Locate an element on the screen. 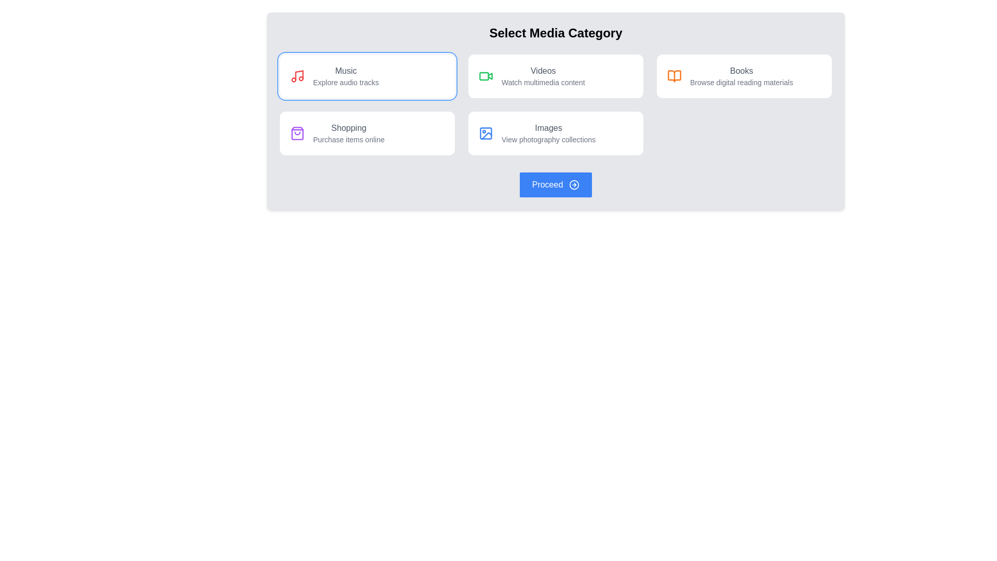  the 'Shopping' text label, which serves as a descriptive label for the second card in a horizontal group of selectable categories is located at coordinates (348, 133).